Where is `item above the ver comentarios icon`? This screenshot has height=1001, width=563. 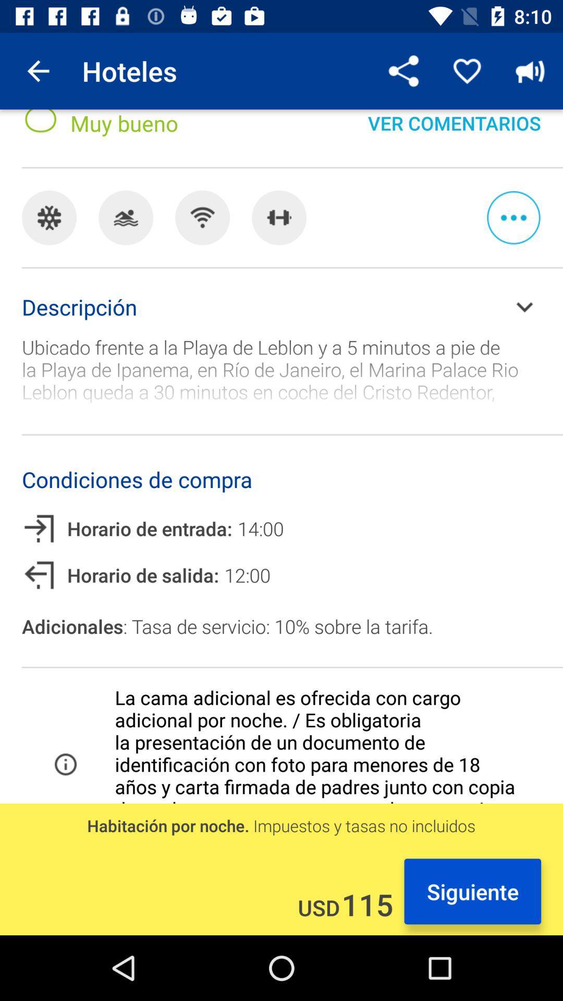
item above the ver comentarios icon is located at coordinates (530, 70).